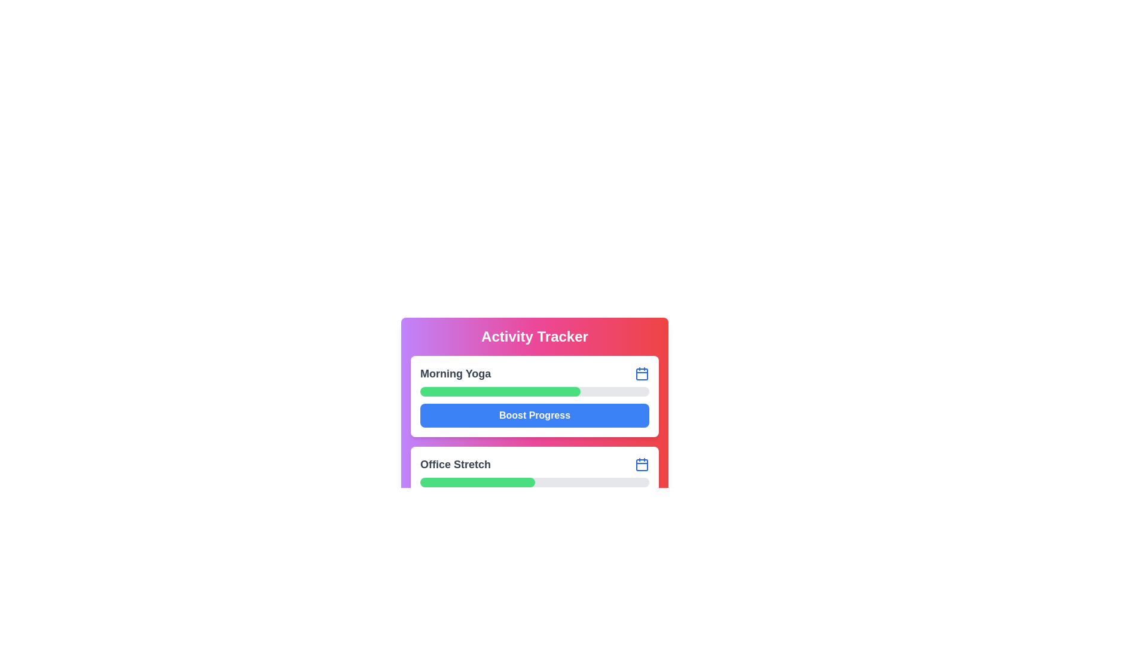 The image size is (1148, 645). What do you see at coordinates (500, 391) in the screenshot?
I see `the horizontal green progress bar under the 'Morning Yoga' label in the 'Activity Tracker' card, which indicates 70% completion` at bounding box center [500, 391].